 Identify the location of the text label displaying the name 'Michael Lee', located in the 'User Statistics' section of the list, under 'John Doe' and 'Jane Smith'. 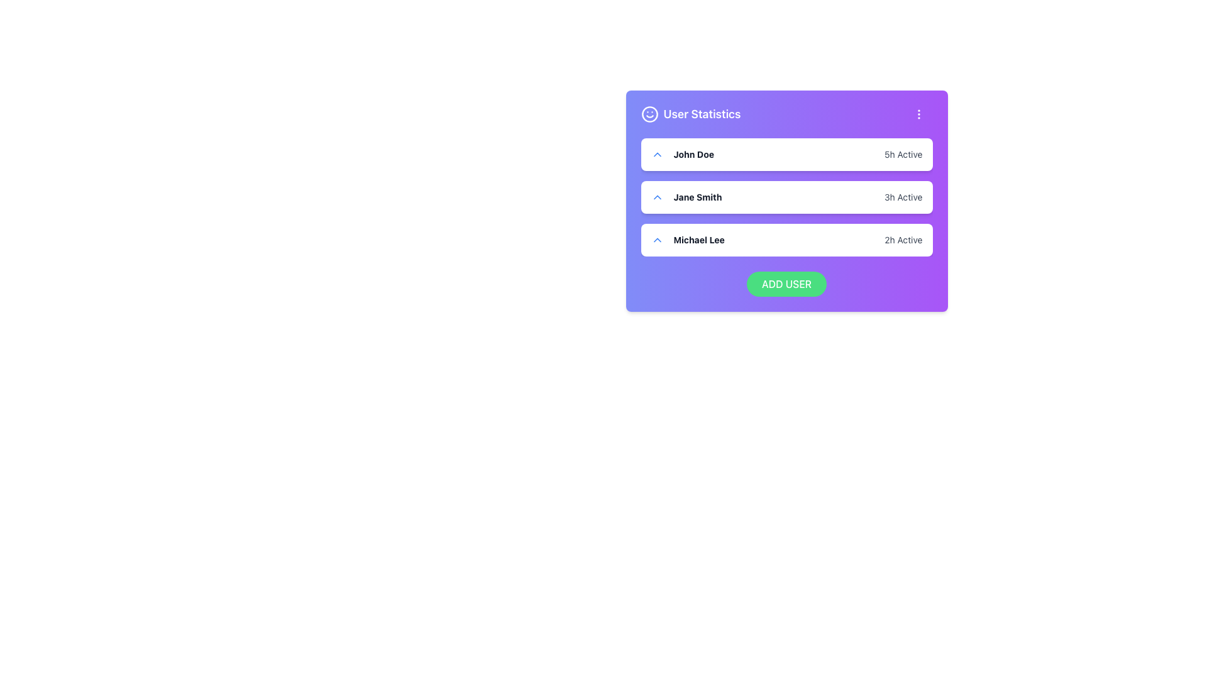
(698, 240).